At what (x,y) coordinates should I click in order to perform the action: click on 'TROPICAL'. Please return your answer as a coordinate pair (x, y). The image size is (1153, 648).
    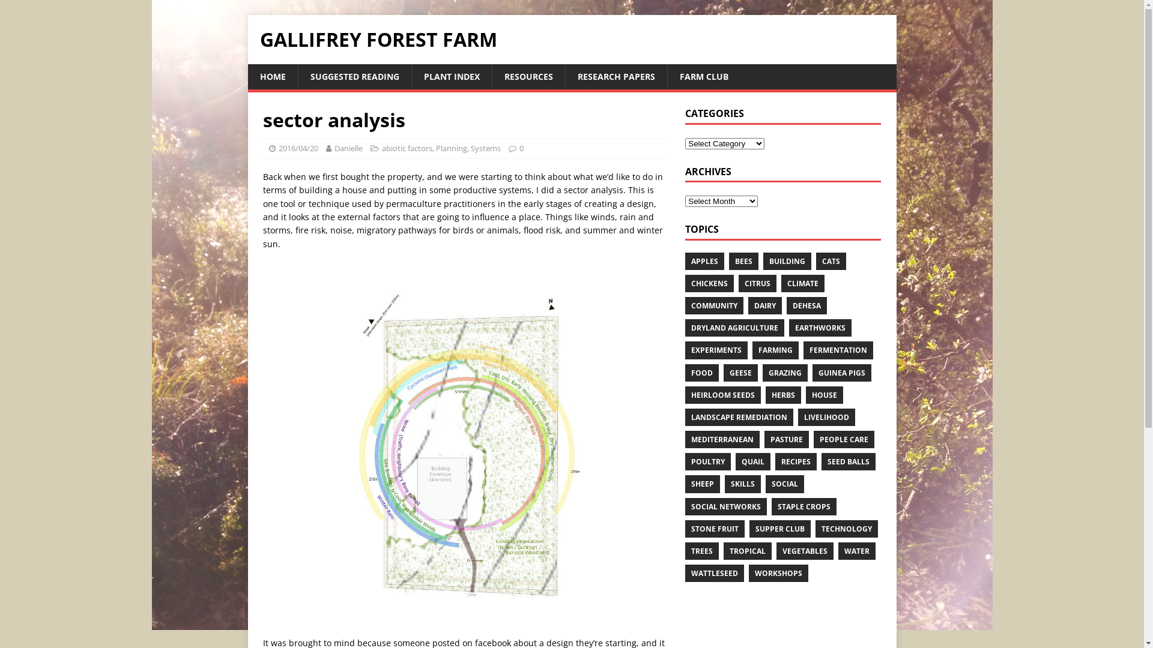
    Looking at the image, I should click on (746, 551).